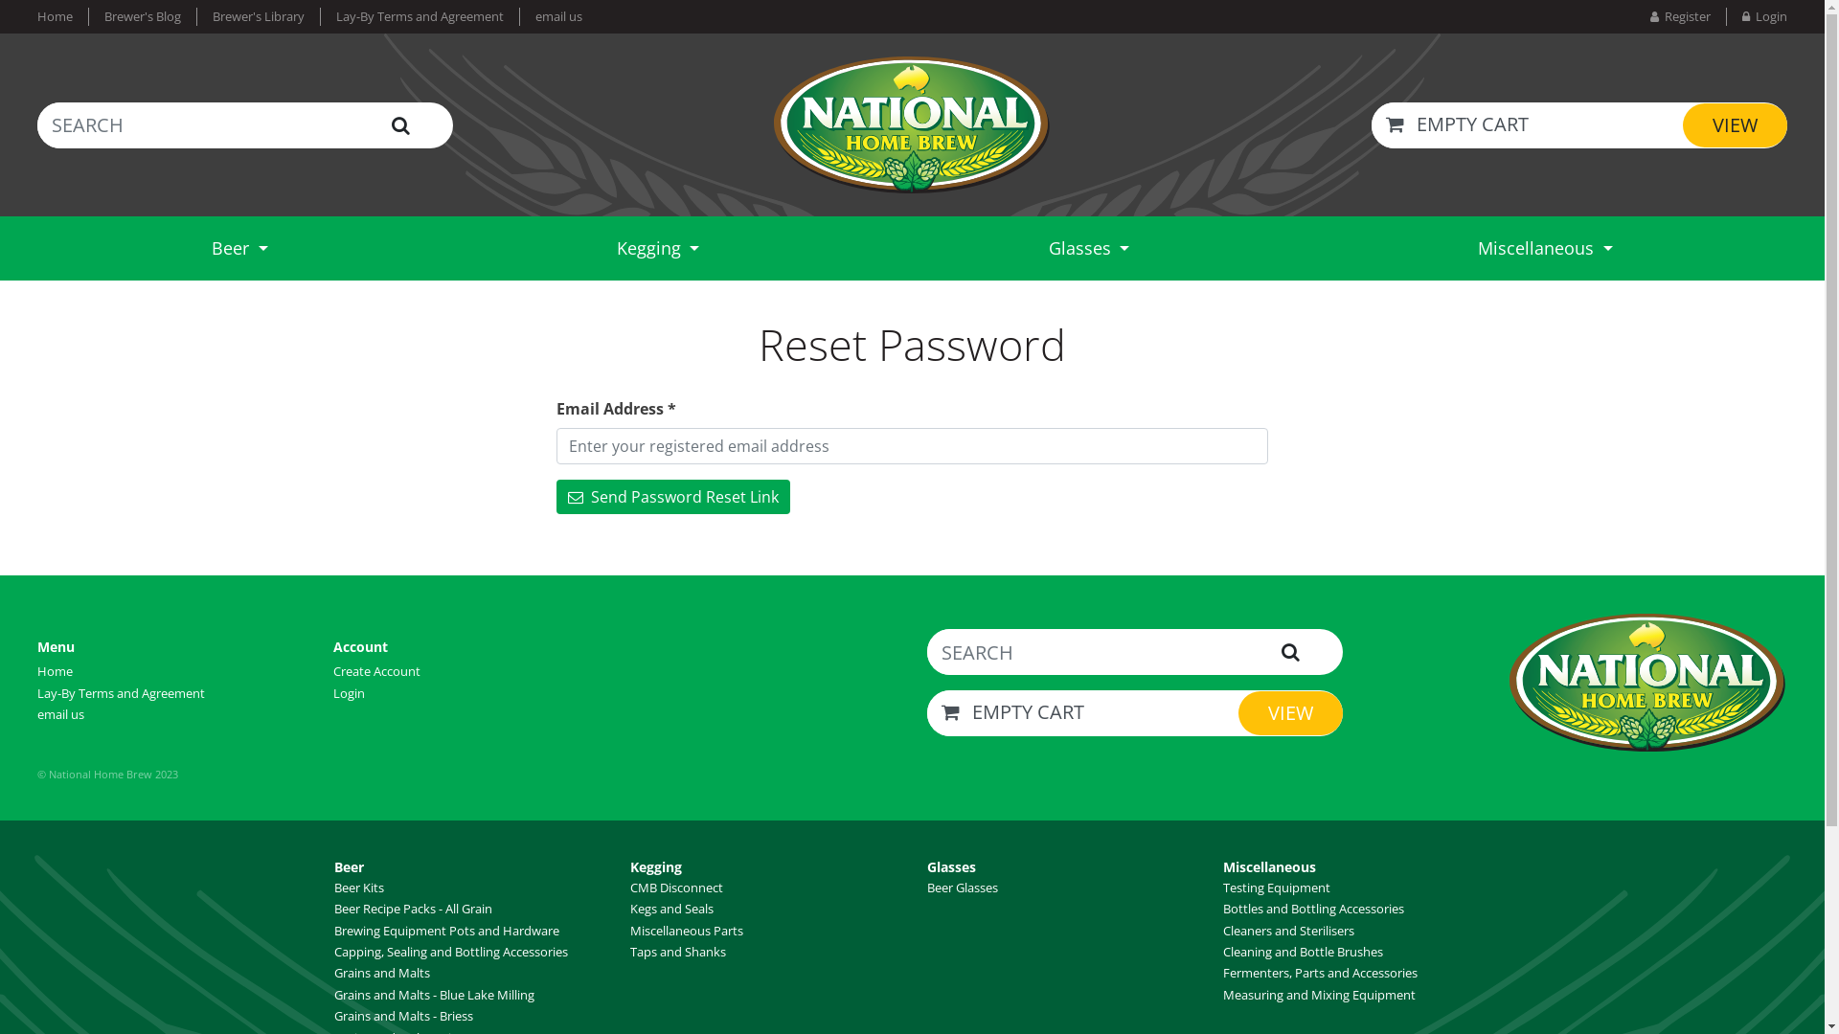 The height and width of the screenshot is (1034, 1839). Describe the element at coordinates (1544, 246) in the screenshot. I see `'Miscellaneous'` at that location.